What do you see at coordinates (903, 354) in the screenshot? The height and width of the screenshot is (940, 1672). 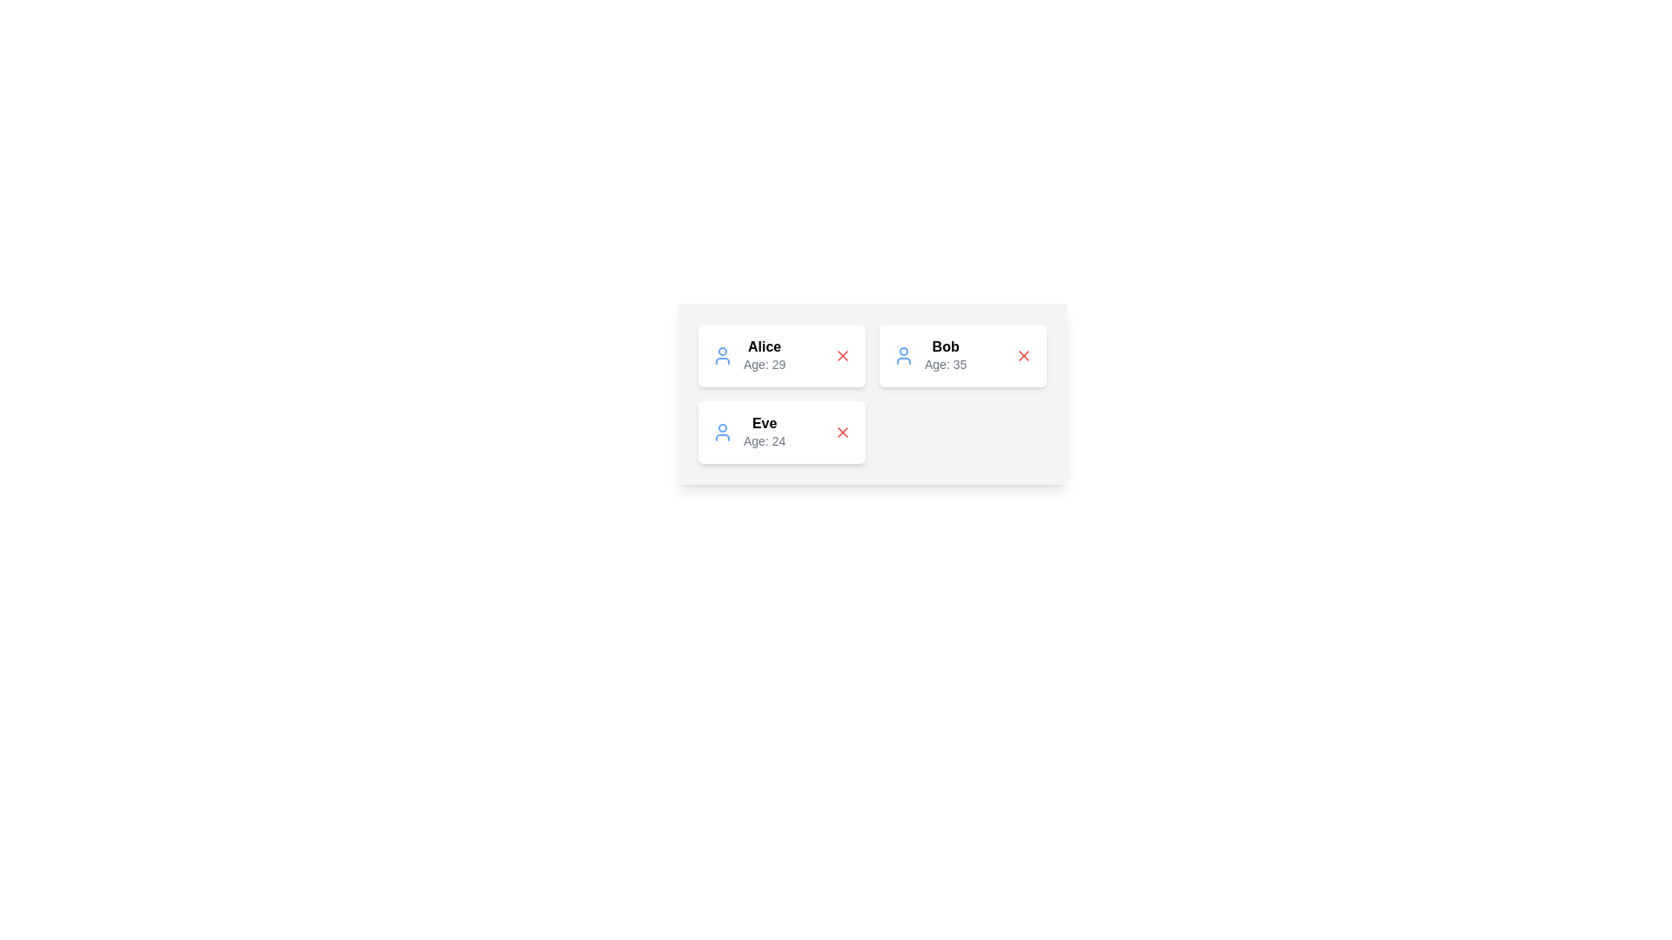 I see `the user icon corresponding to Bob` at bounding box center [903, 354].